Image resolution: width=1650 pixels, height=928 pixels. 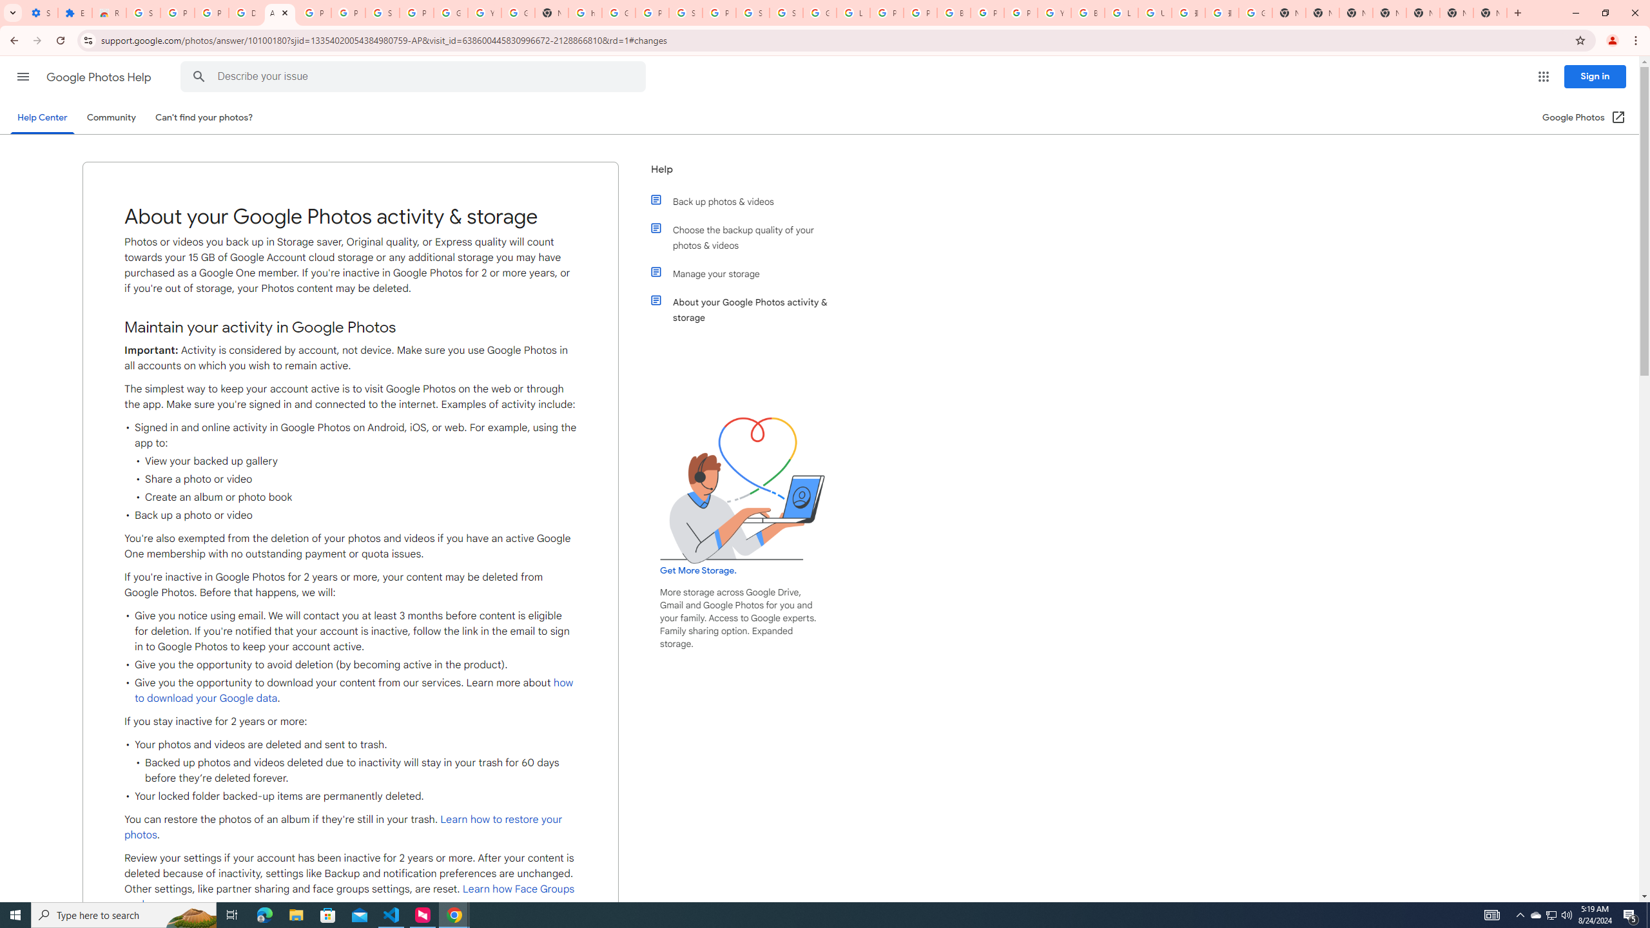 What do you see at coordinates (22, 76) in the screenshot?
I see `'Main menu'` at bounding box center [22, 76].